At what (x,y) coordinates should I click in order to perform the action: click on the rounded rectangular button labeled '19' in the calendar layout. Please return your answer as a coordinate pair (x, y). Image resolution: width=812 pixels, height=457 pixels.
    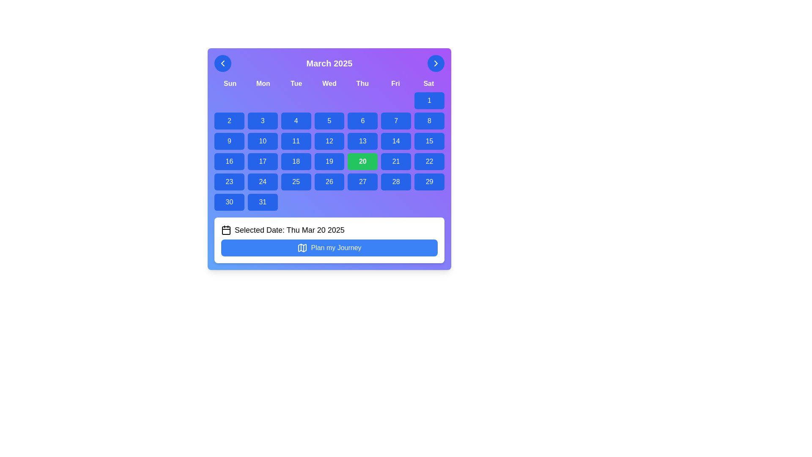
    Looking at the image, I should click on (329, 161).